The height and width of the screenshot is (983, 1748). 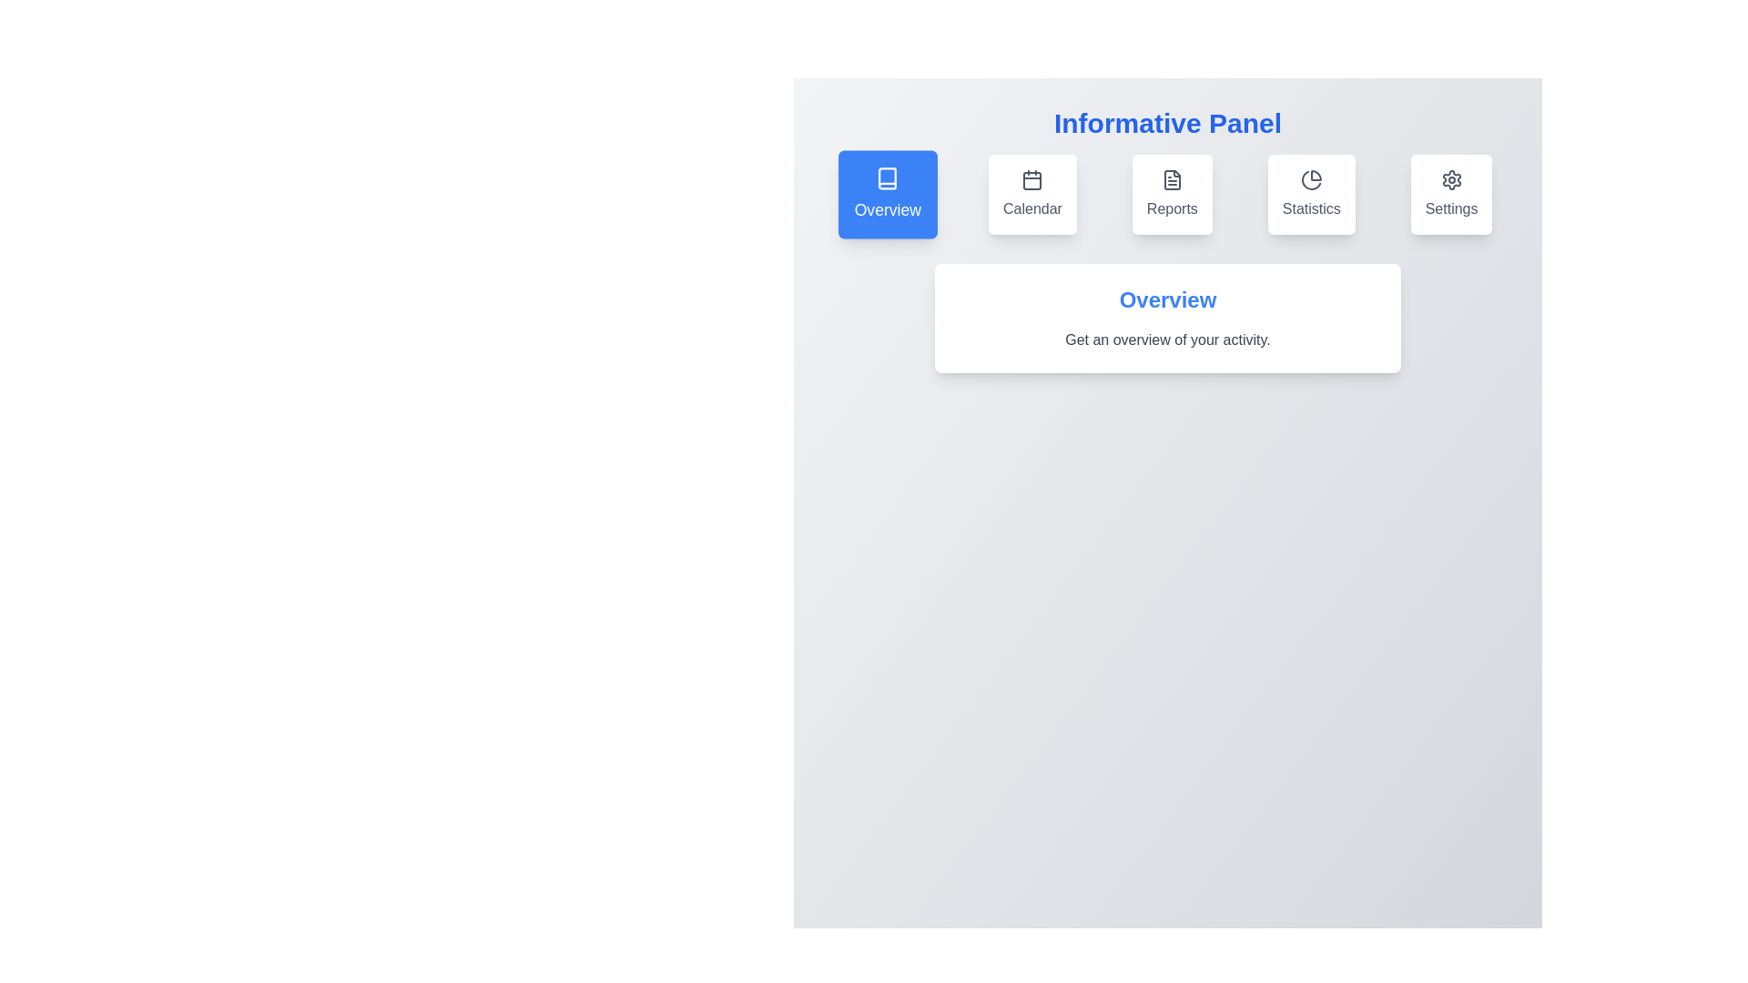 I want to click on the 'Statistics' text label located beneath the pie chart icon in the third box from the left in the upper section of the interface, so click(x=1311, y=208).